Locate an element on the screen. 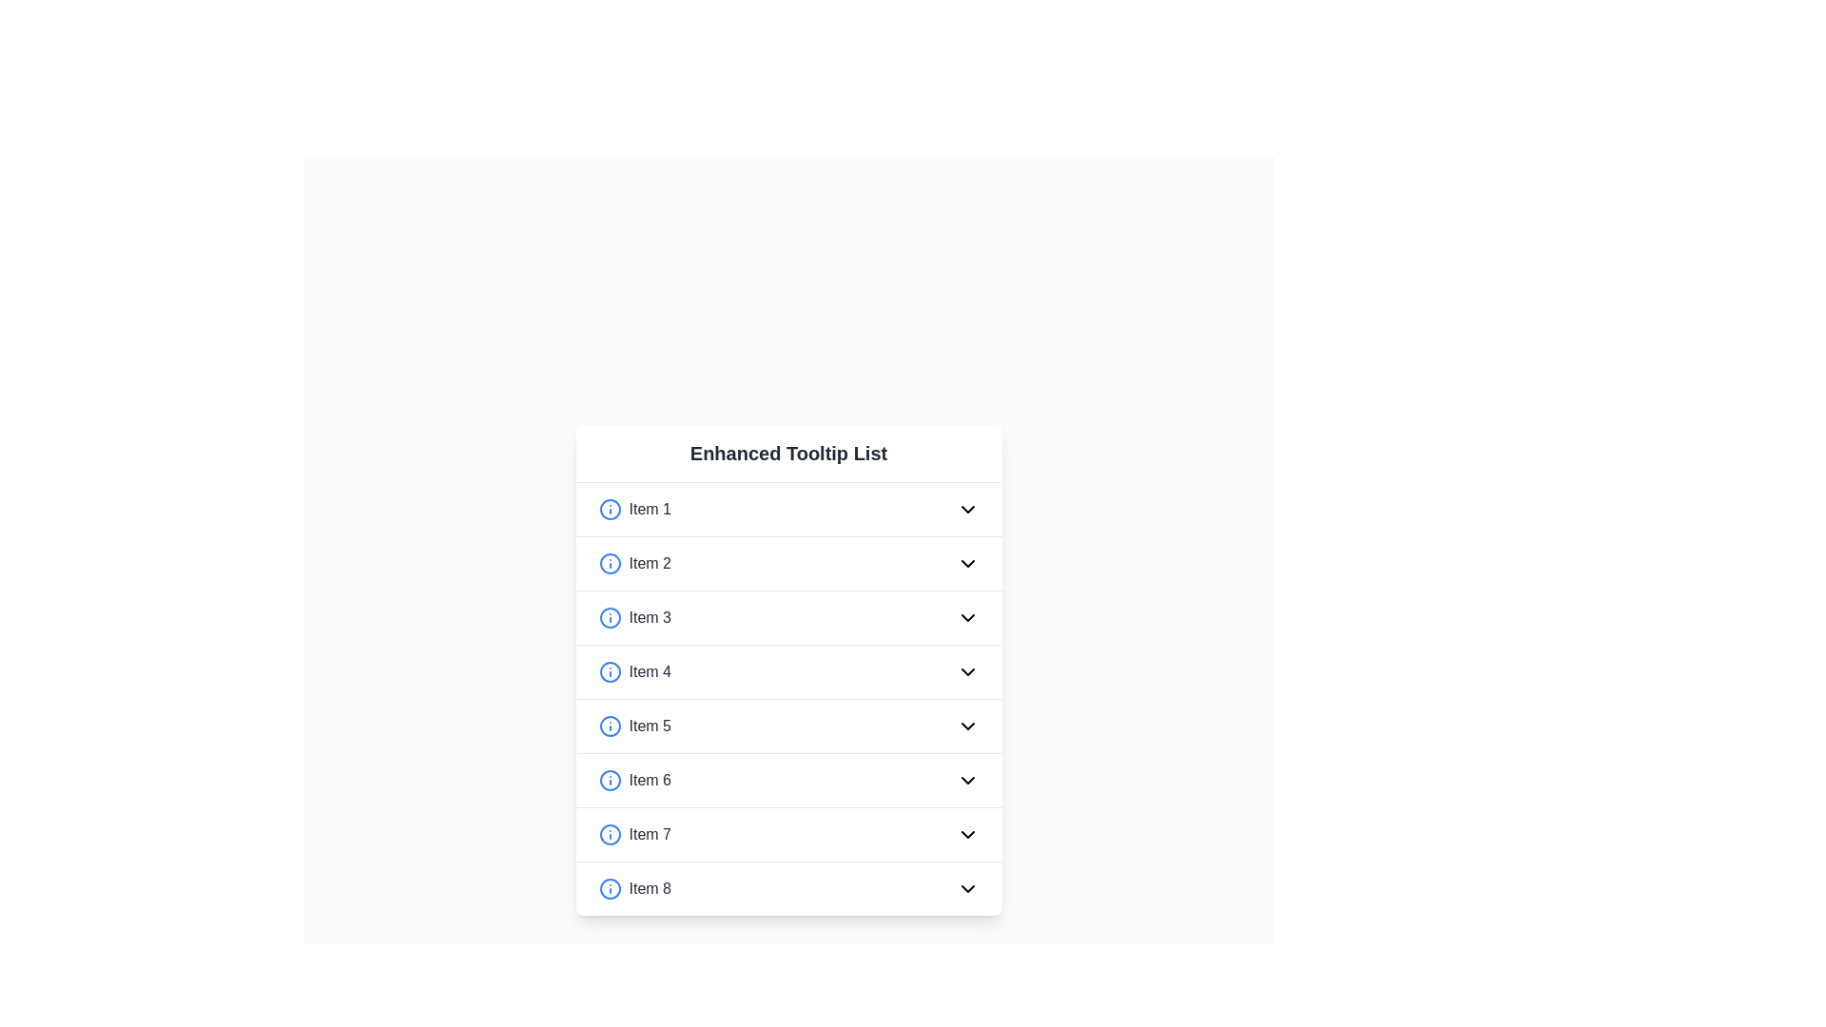 The image size is (1826, 1027). the circular icon with a blue outline associated with 'Item 5', located at the far left of its row is located at coordinates (610, 726).